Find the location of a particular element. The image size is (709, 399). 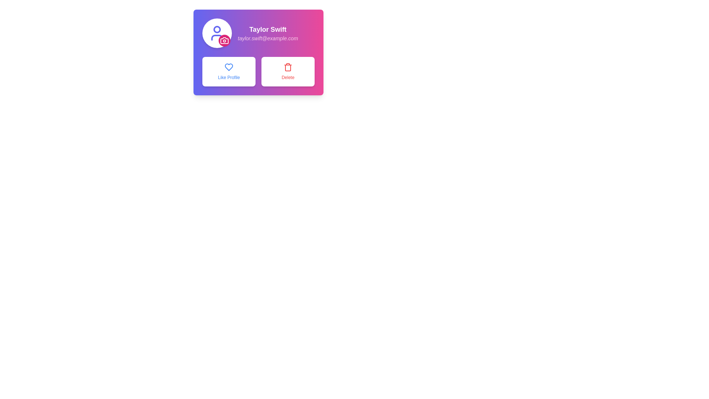

the pink circular button containing the SVG camera icon at the bottom-right corner of the user card for uploading or selecting a new image is located at coordinates (224, 41).